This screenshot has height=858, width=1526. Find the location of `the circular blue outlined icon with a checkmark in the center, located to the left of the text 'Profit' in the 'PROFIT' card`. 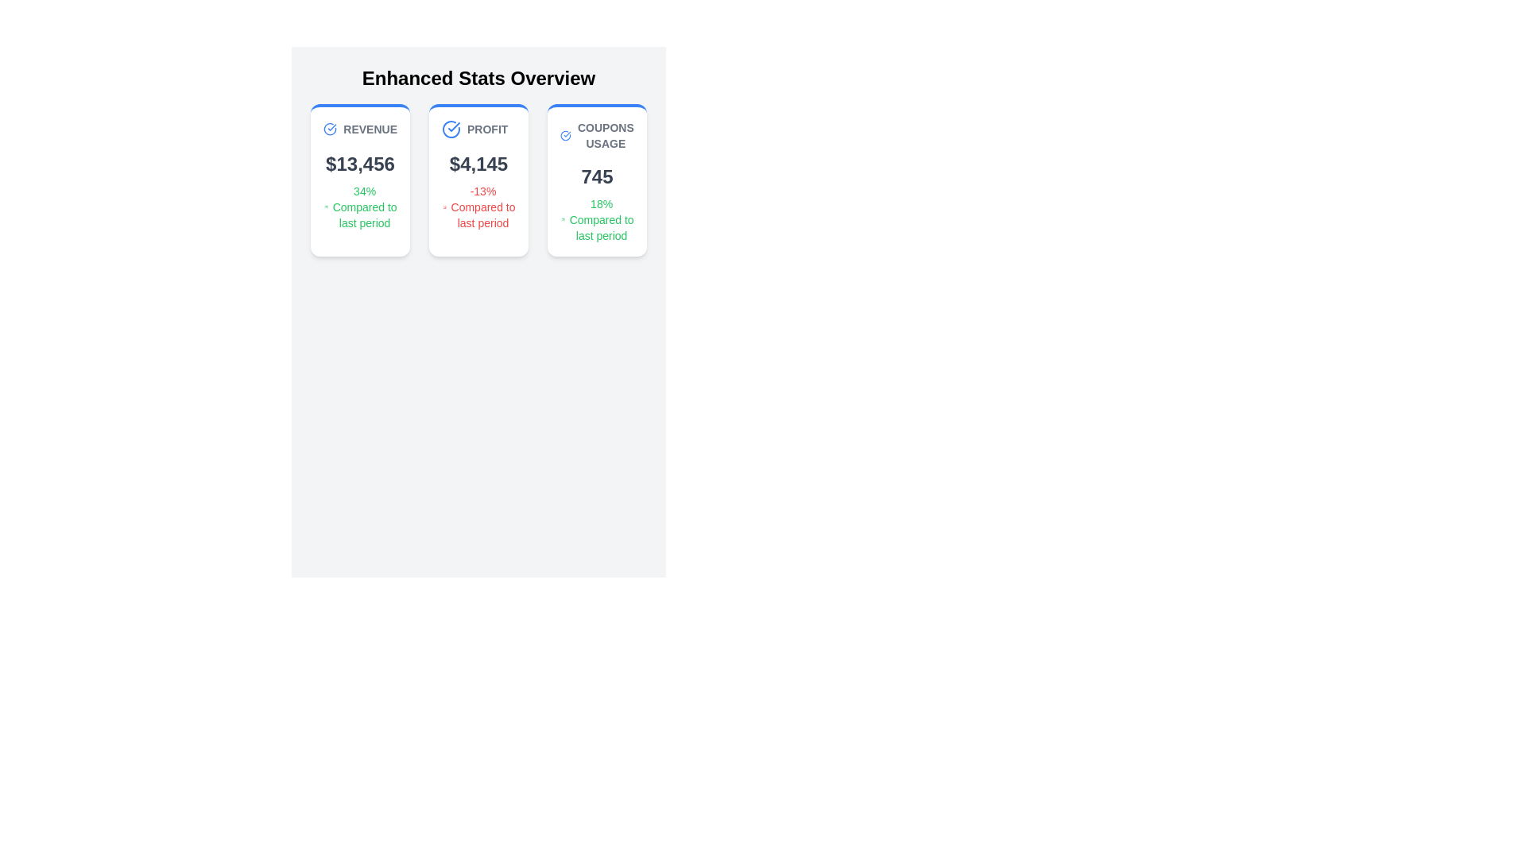

the circular blue outlined icon with a checkmark in the center, located to the left of the text 'Profit' in the 'PROFIT' card is located at coordinates (450, 128).